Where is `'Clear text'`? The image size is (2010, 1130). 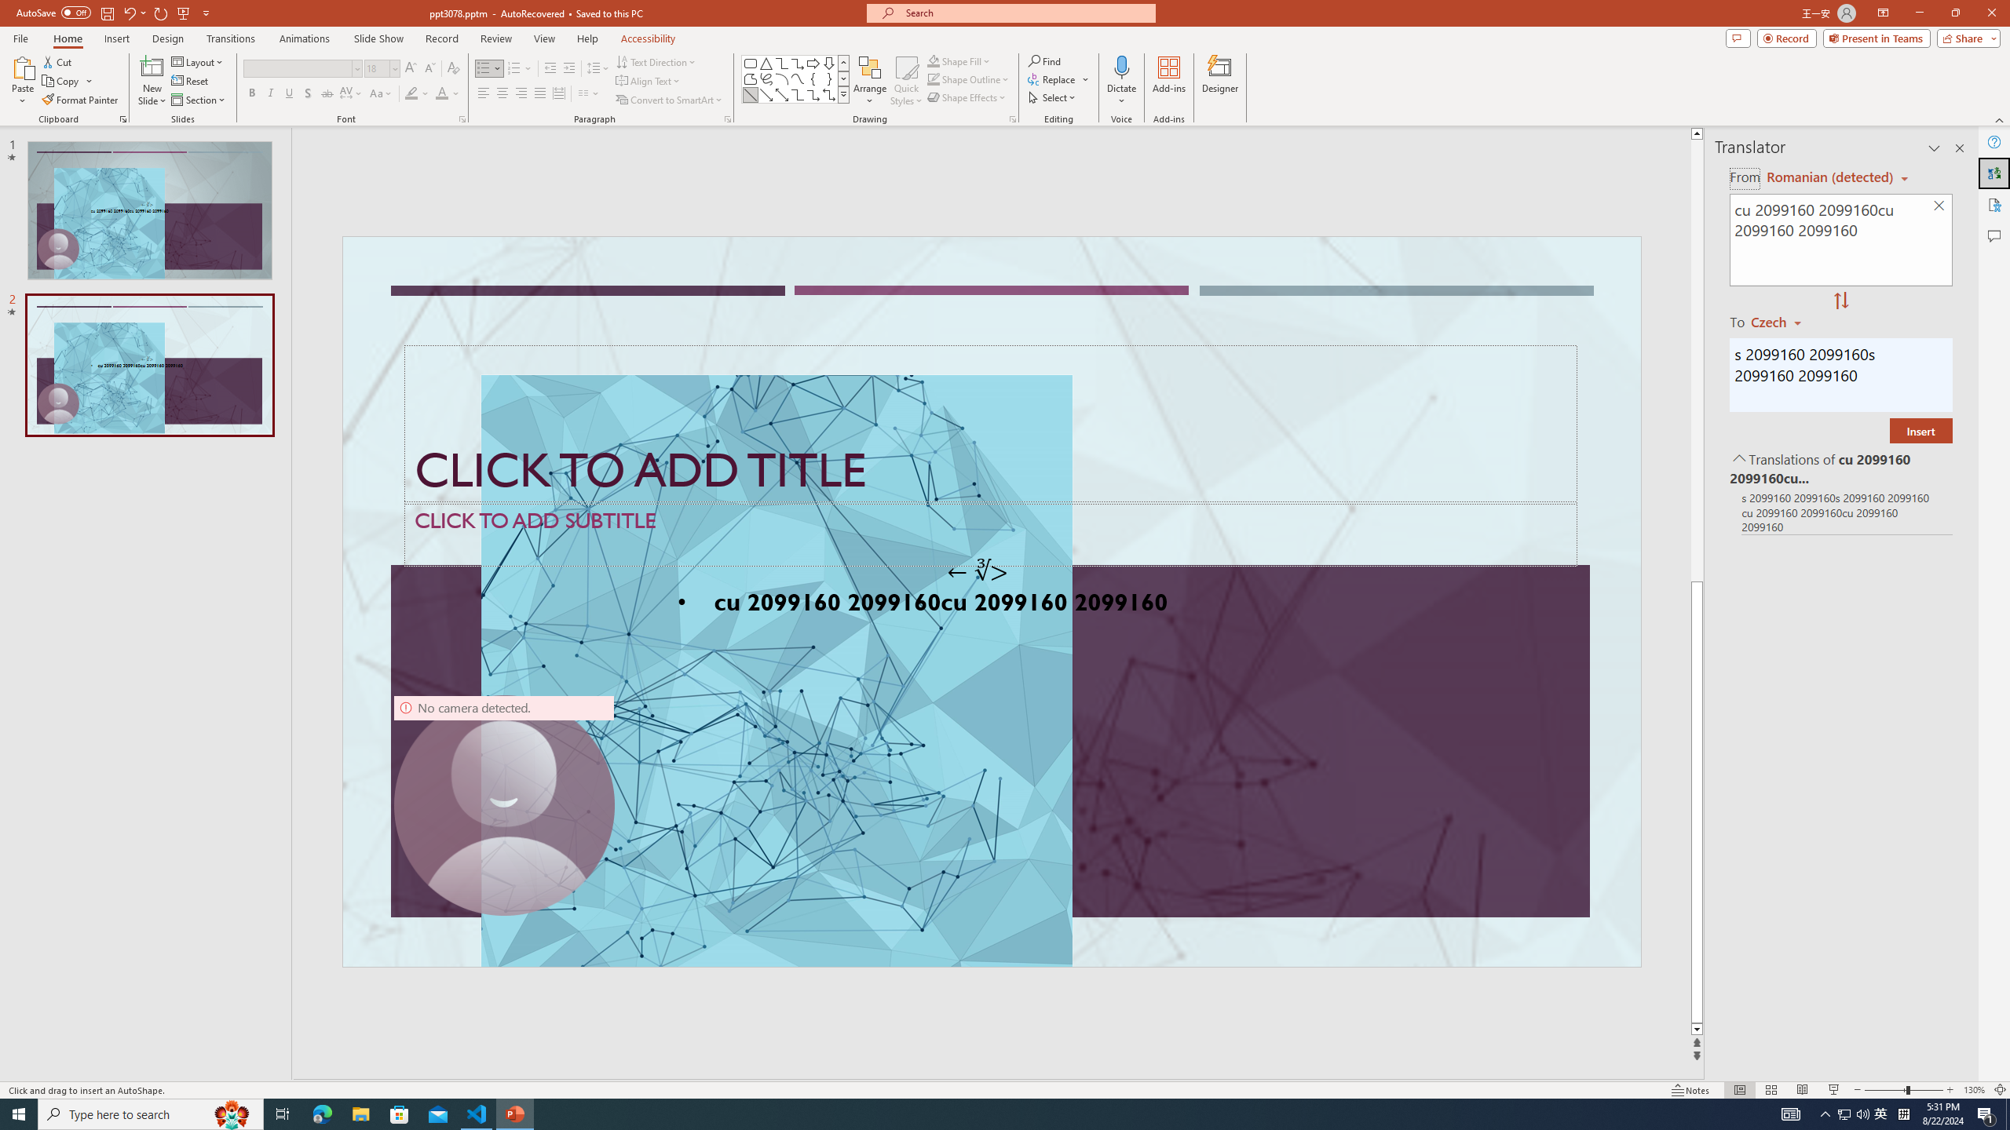
'Clear text' is located at coordinates (1939, 206).